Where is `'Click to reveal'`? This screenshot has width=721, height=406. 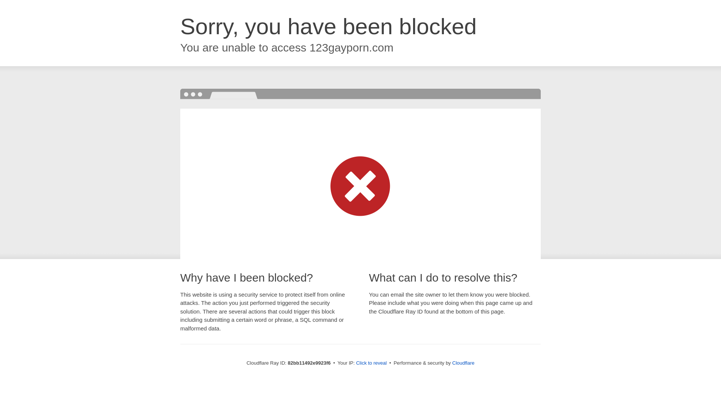
'Click to reveal' is located at coordinates (371, 362).